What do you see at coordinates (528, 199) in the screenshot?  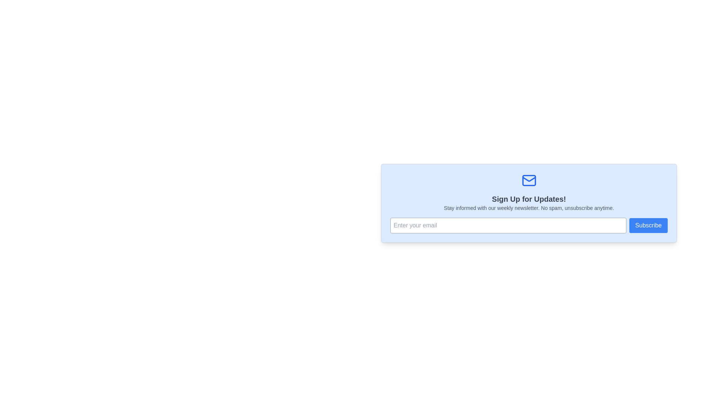 I see `the bold text label displaying 'Sign Up for Updates!' that is located at the top middle of the registration card` at bounding box center [528, 199].